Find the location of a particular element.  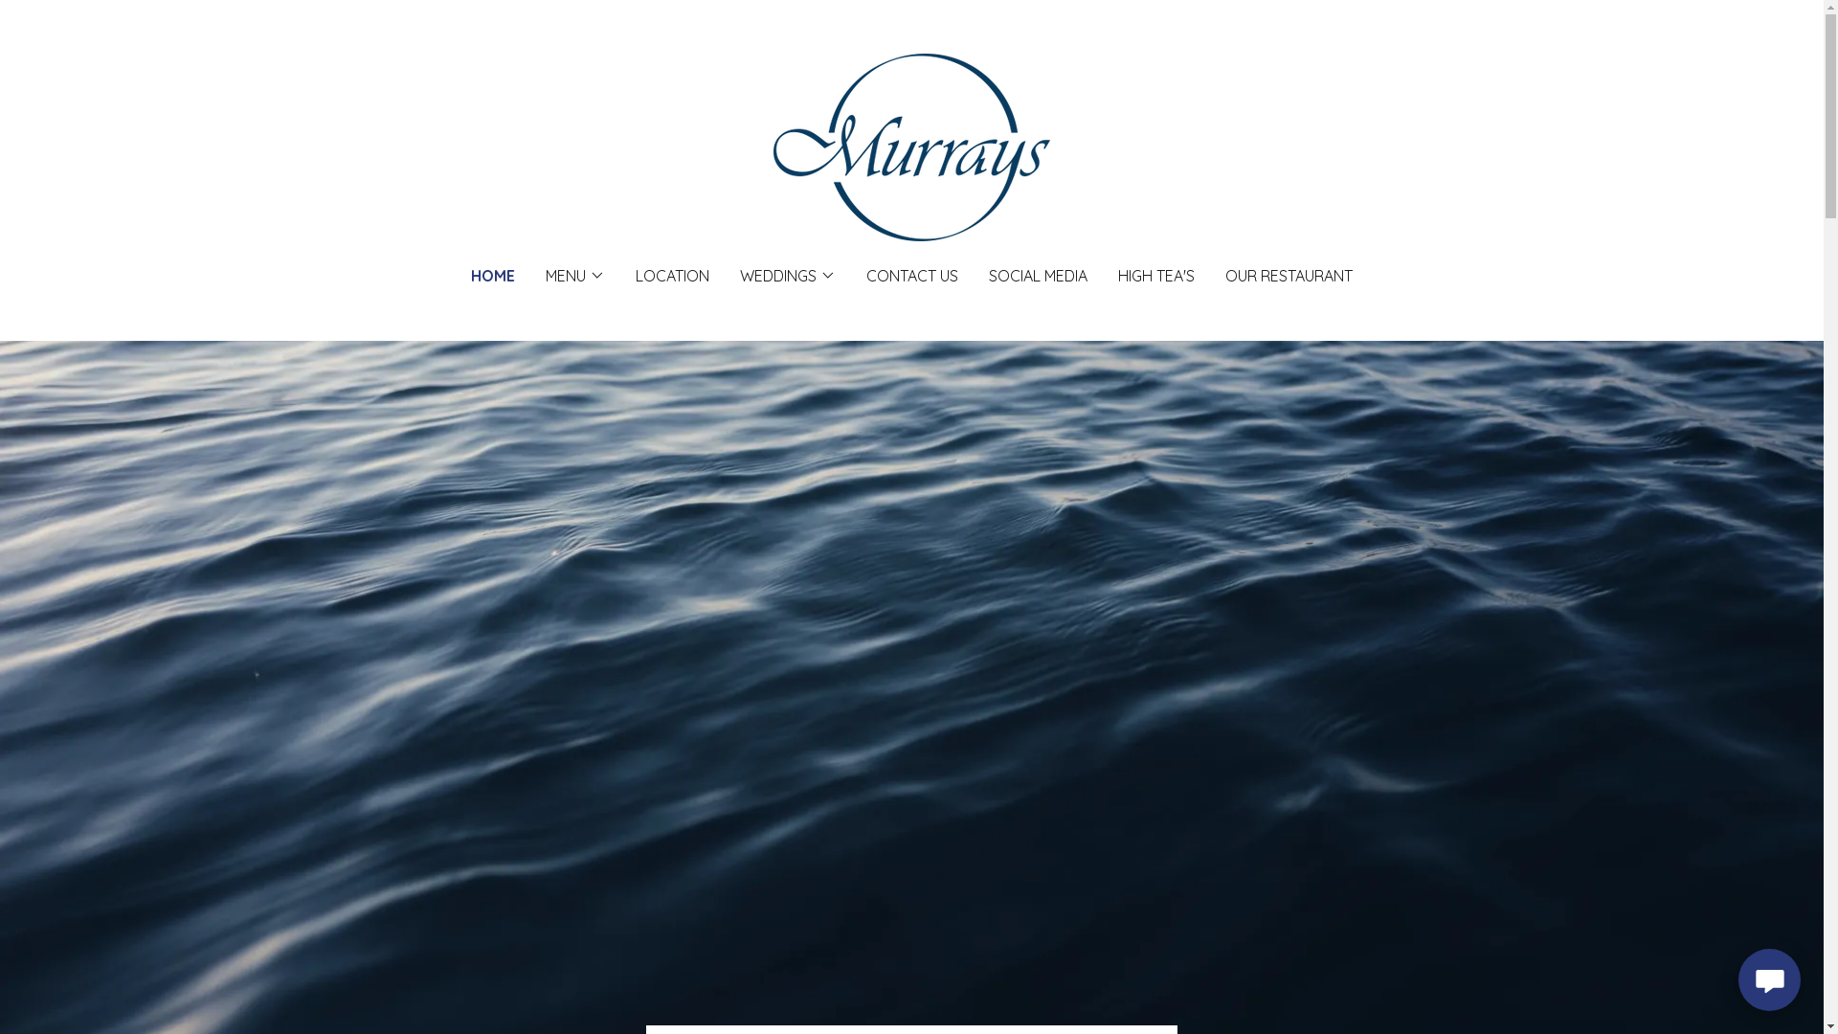

'LOCATION' is located at coordinates (672, 276).